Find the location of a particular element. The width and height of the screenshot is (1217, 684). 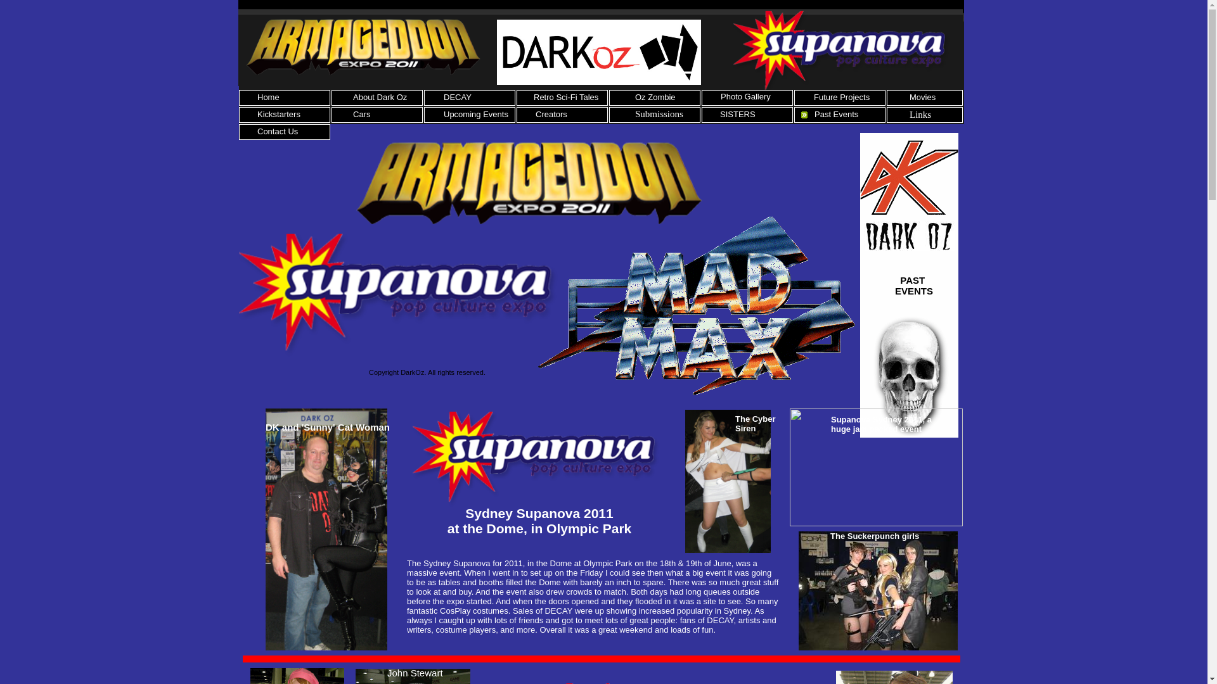

'Retro Sci-Fi Tales' is located at coordinates (533, 96).